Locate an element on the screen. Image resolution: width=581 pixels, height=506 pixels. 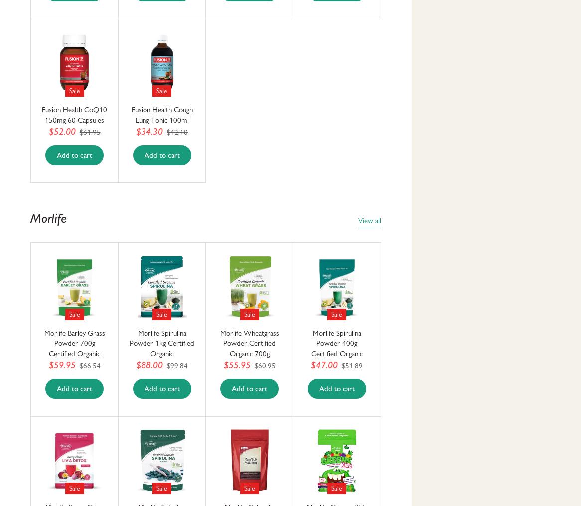
'Morlife Barley Grass Powder 700g Certified Organic' is located at coordinates (74, 343).